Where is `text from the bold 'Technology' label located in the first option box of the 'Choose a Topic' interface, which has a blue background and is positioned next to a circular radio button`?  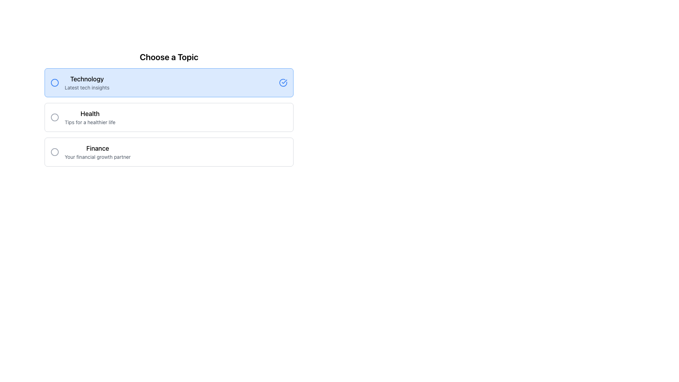 text from the bold 'Technology' label located in the first option box of the 'Choose a Topic' interface, which has a blue background and is positioned next to a circular radio button is located at coordinates (87, 82).